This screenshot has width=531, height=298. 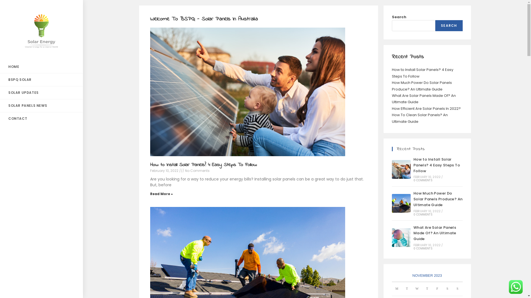 What do you see at coordinates (419, 118) in the screenshot?
I see `'How To Clean Solar Panels? An Ultimate Guide'` at bounding box center [419, 118].